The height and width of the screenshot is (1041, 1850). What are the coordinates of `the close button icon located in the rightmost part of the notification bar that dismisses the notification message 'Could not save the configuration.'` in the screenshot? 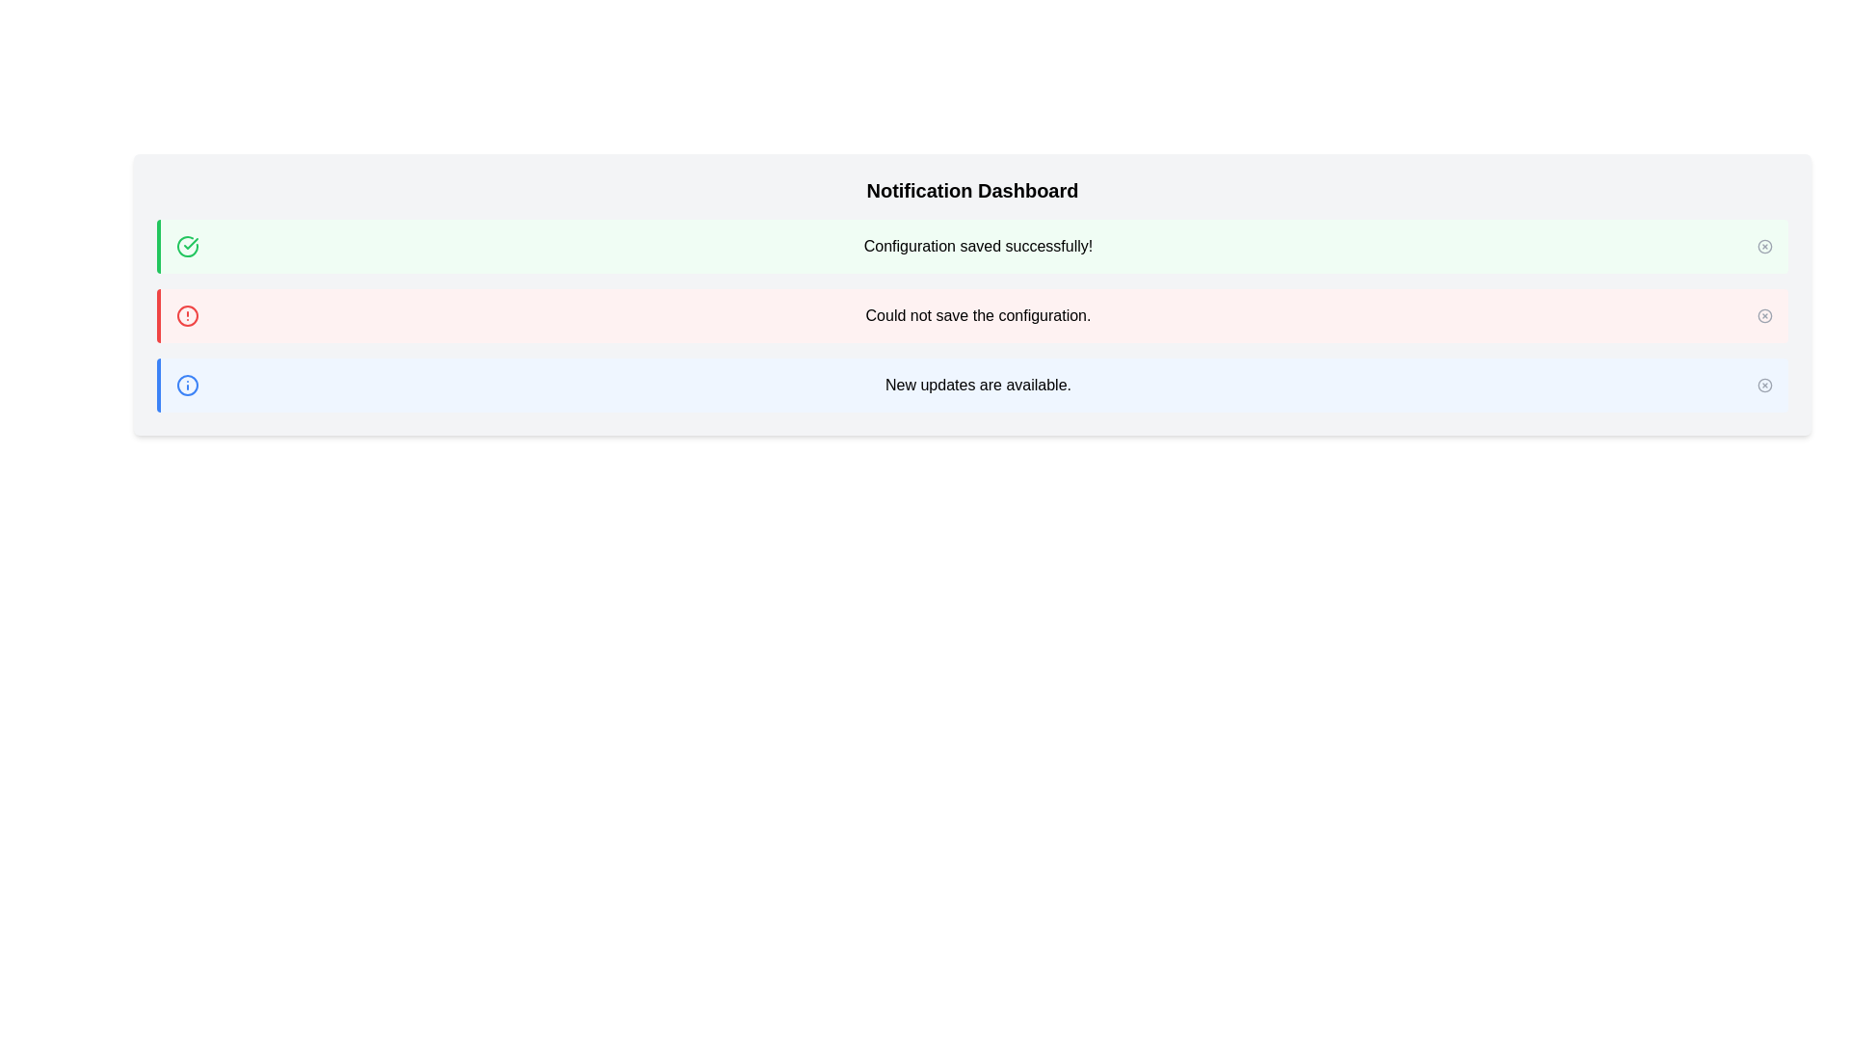 It's located at (1765, 314).